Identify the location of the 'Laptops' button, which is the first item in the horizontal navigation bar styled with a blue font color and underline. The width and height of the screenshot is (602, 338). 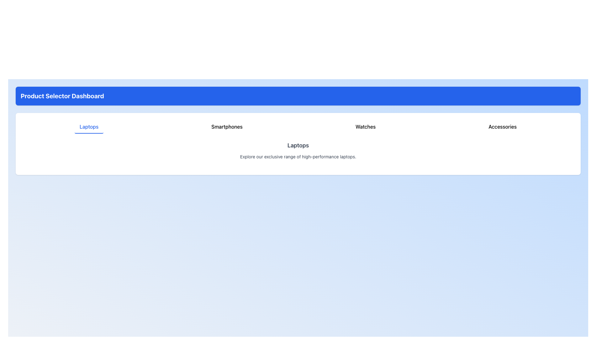
(89, 127).